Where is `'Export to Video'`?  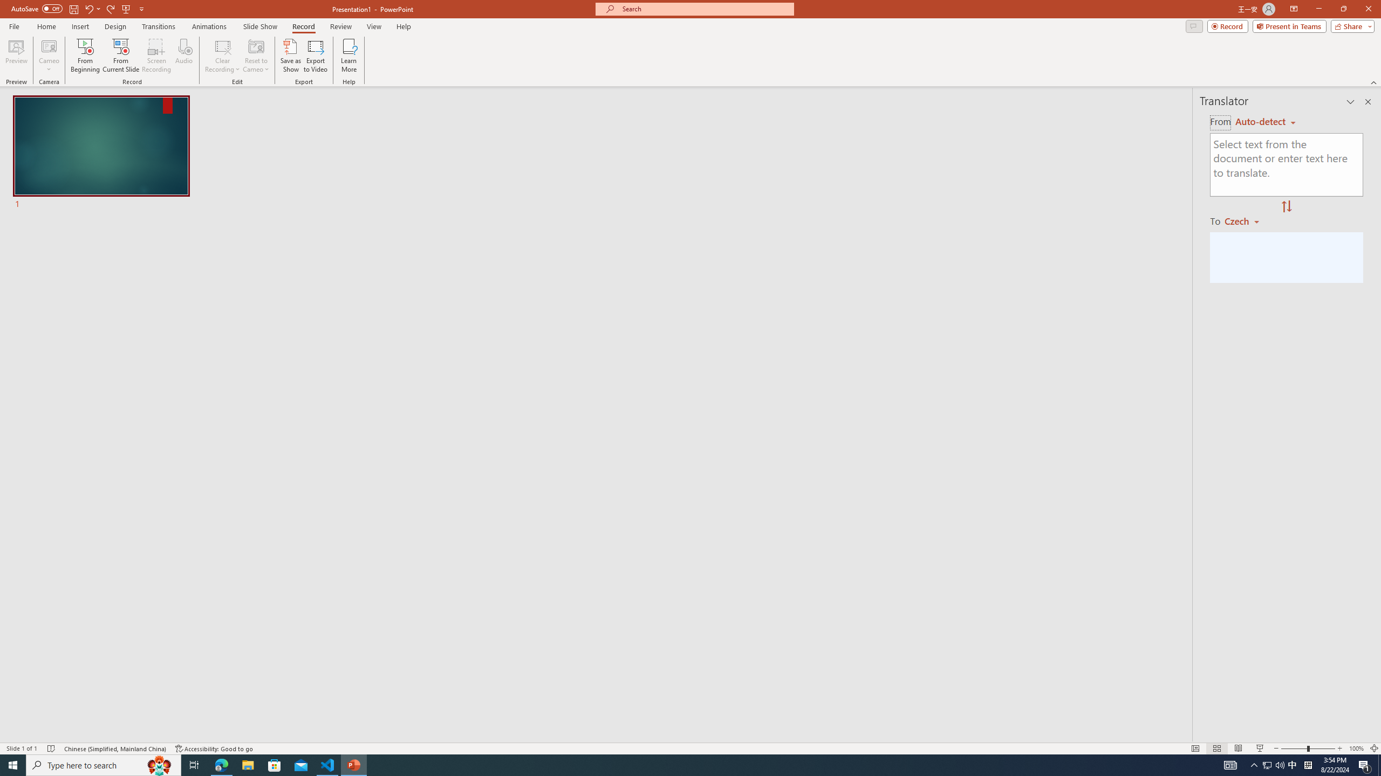 'Export to Video' is located at coordinates (315, 56).